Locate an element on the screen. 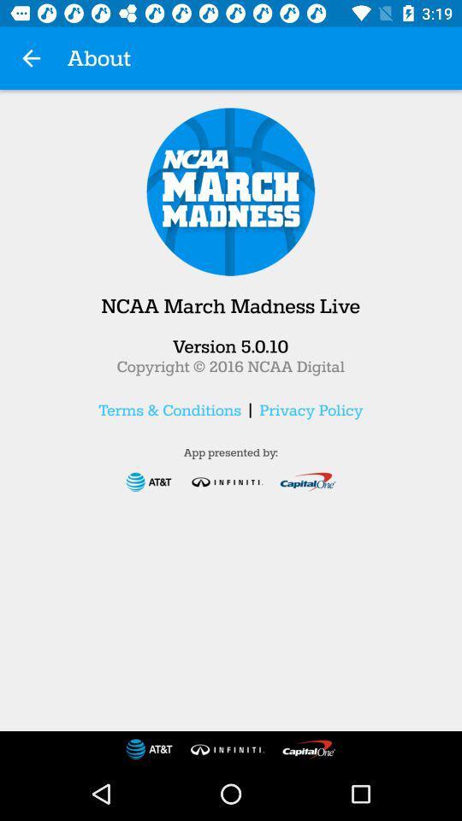 This screenshot has height=821, width=462. the logos which are in the bottom is located at coordinates (231, 748).